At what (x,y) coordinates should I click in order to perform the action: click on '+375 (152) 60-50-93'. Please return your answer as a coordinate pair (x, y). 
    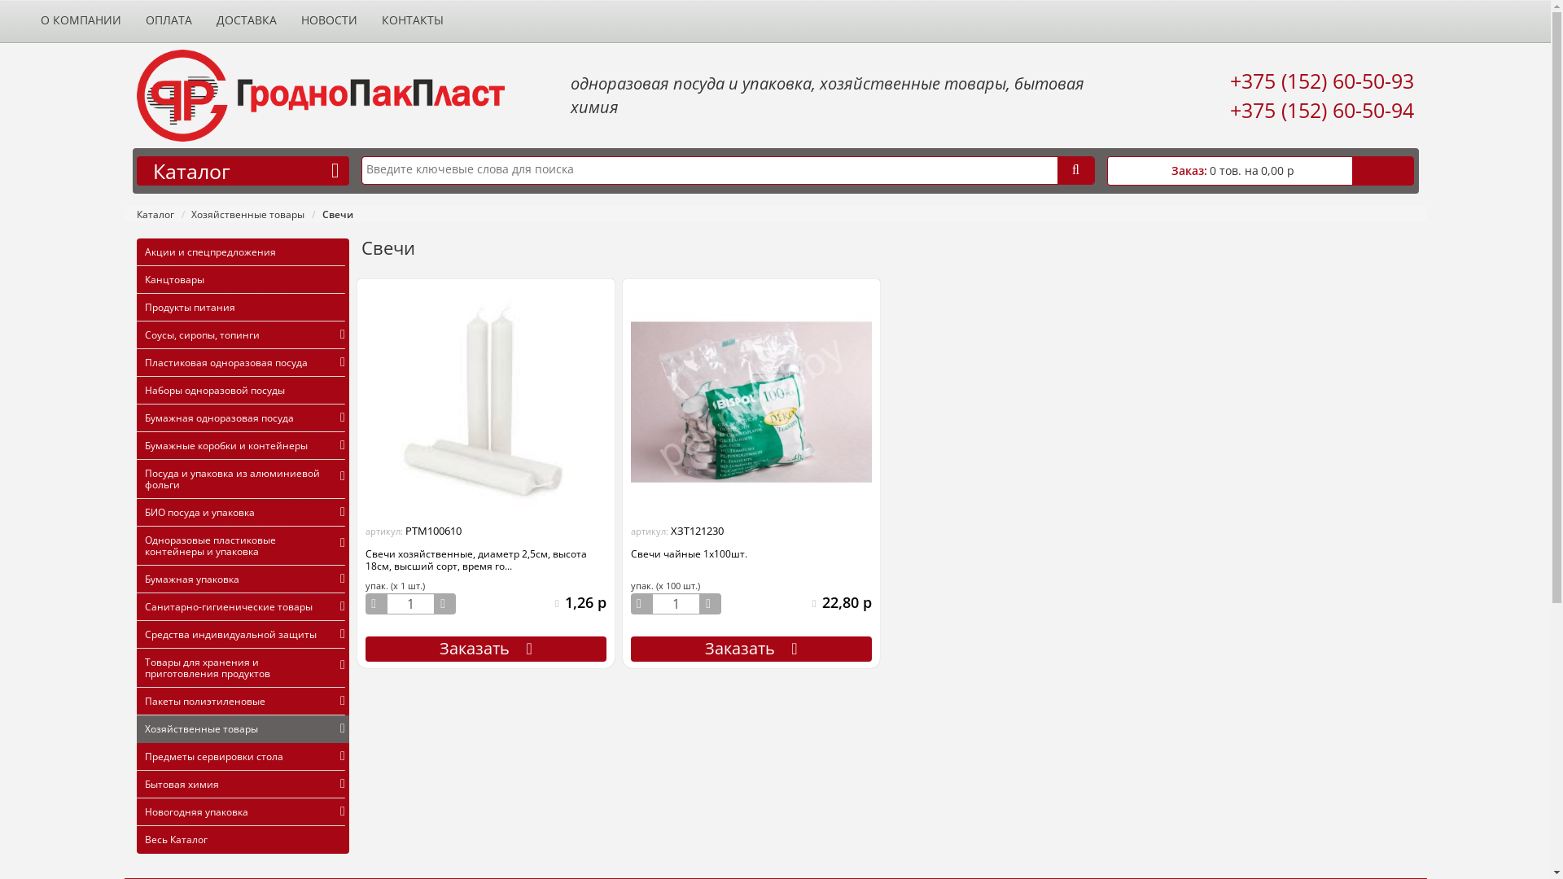
    Looking at the image, I should click on (1321, 81).